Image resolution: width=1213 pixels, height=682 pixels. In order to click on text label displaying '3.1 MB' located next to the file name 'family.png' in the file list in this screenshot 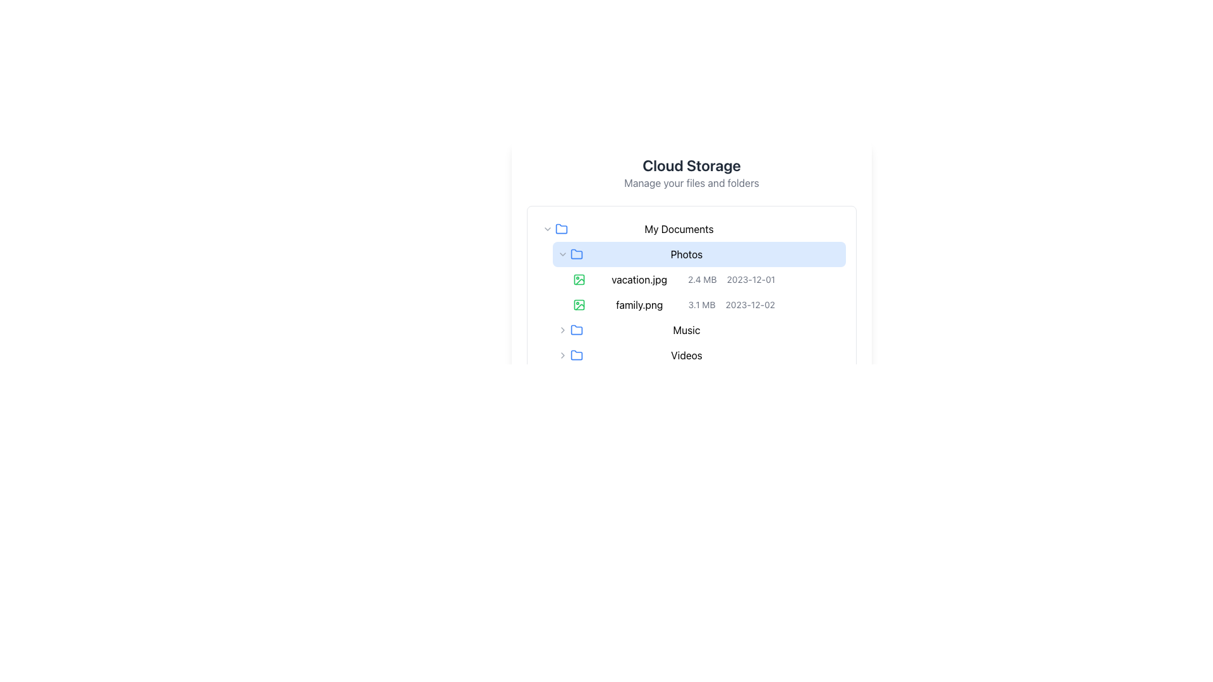, I will do `click(701, 304)`.